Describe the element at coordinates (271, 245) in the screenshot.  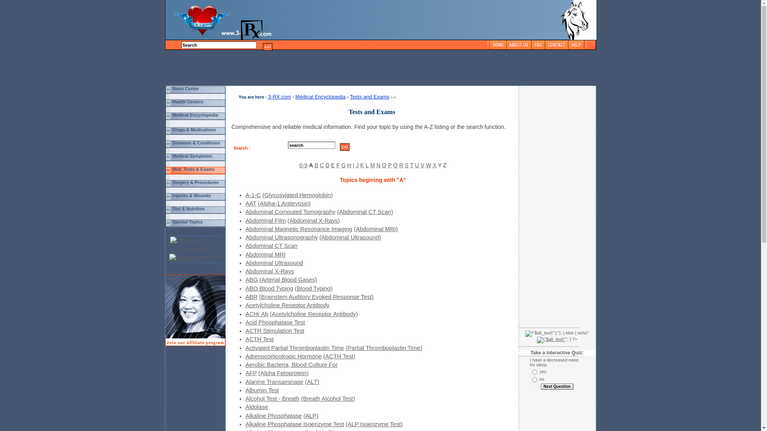
I see `'Abdominal CT Scan'` at that location.